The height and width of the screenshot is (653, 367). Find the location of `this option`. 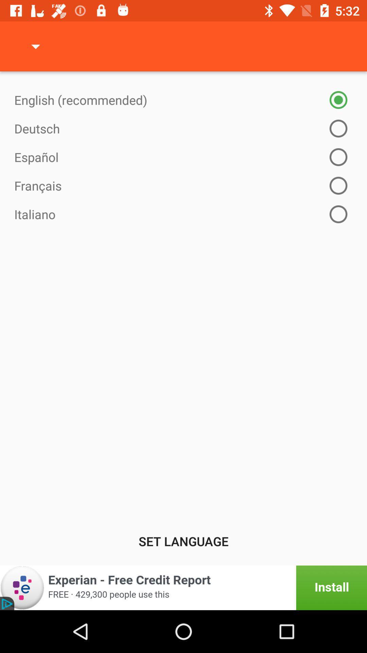

this option is located at coordinates (183, 587).